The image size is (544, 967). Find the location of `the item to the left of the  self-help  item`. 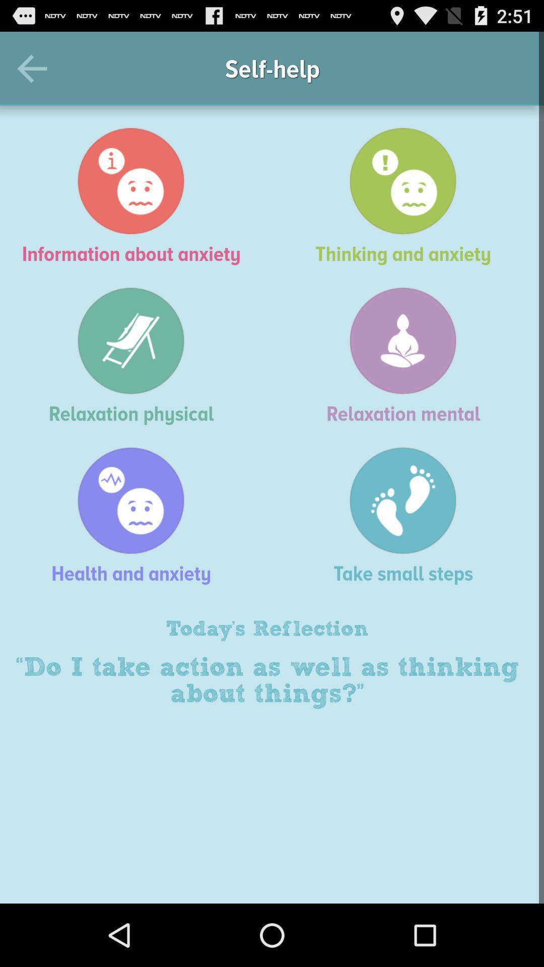

the item to the left of the  self-help  item is located at coordinates (36, 68).